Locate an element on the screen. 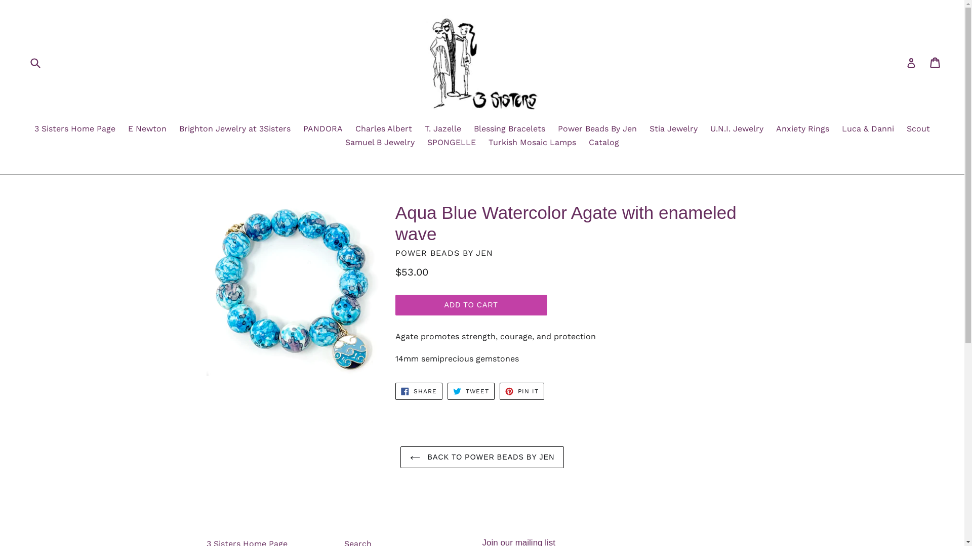  'SPONGELLE' is located at coordinates (451, 143).